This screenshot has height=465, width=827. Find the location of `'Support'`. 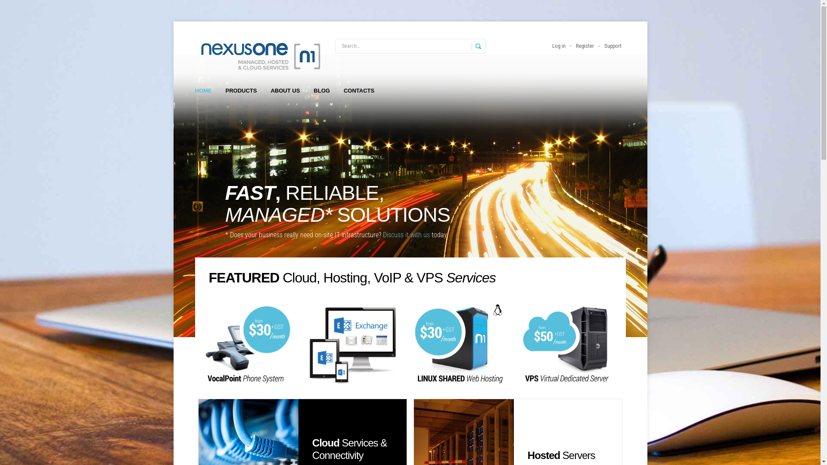

'Support' is located at coordinates (612, 46).